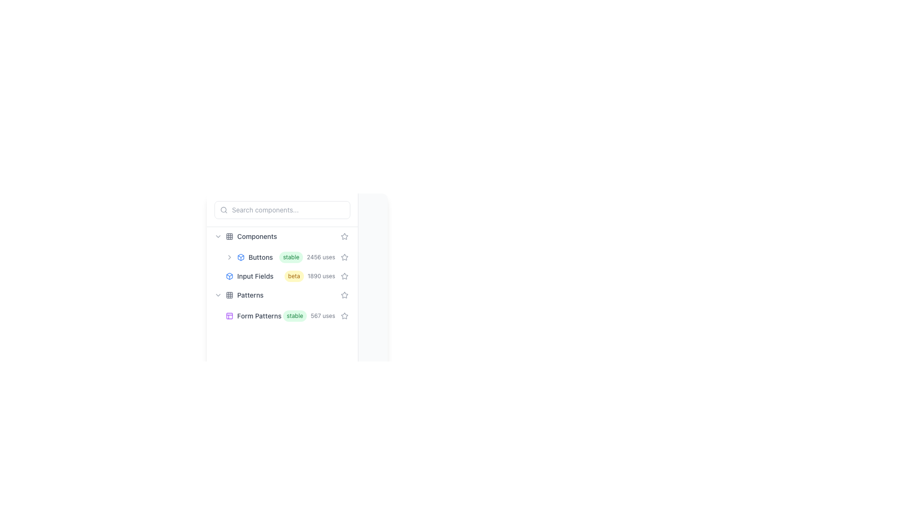  Describe the element at coordinates (282, 305) in the screenshot. I see `the 'Patterns' list item` at that location.